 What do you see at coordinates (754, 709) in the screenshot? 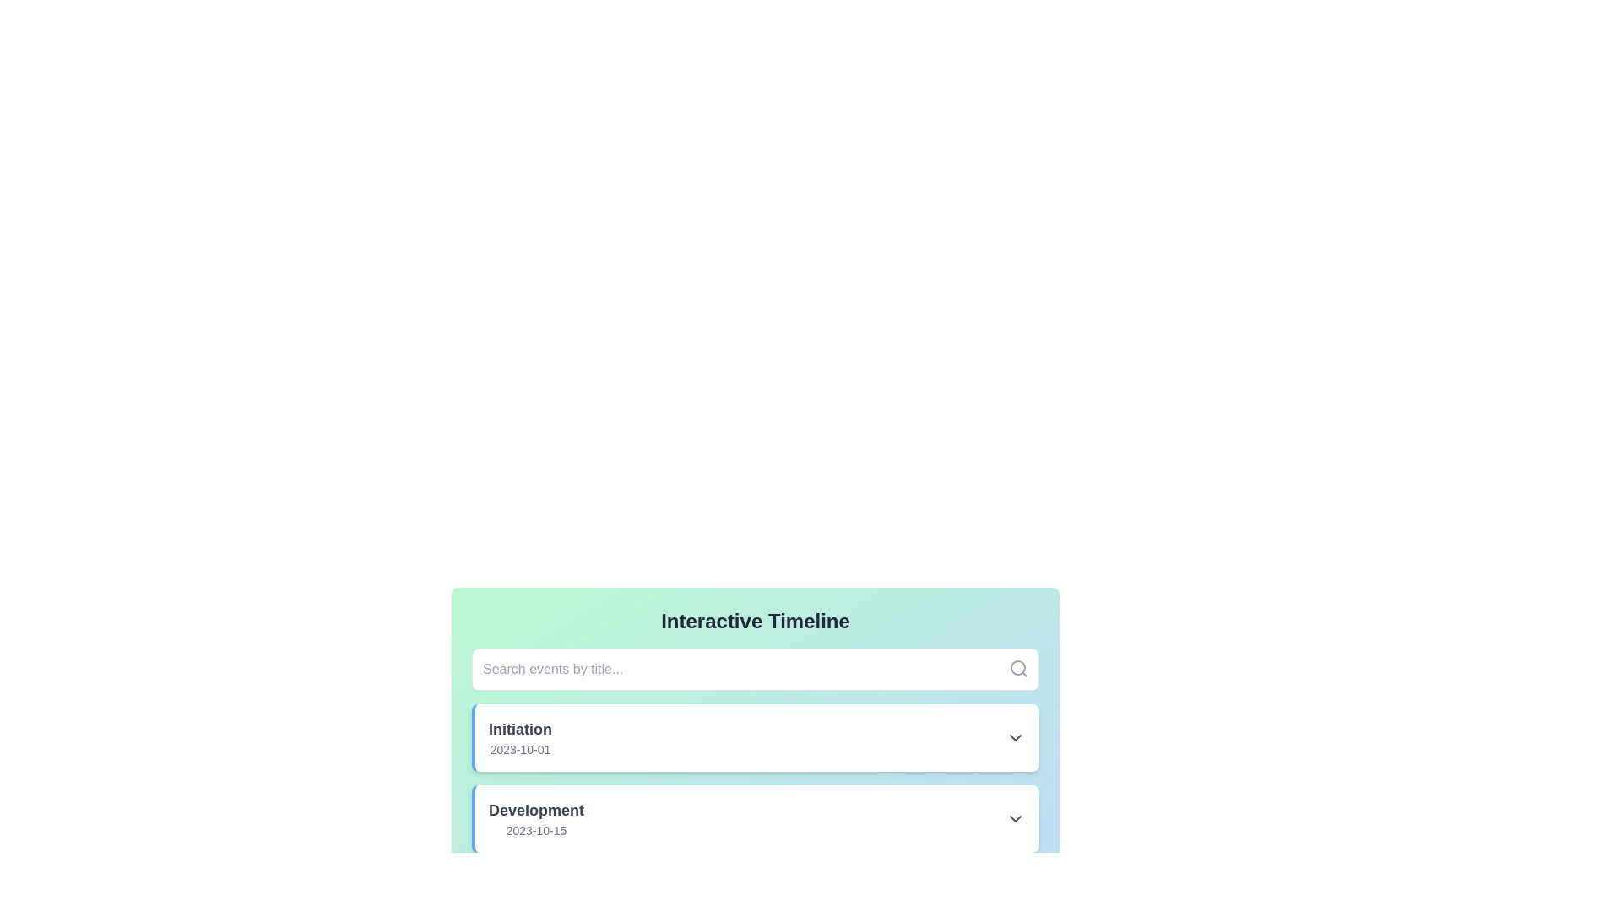
I see `an individual event in the 'Interactive Timeline' panel for more information` at bounding box center [754, 709].